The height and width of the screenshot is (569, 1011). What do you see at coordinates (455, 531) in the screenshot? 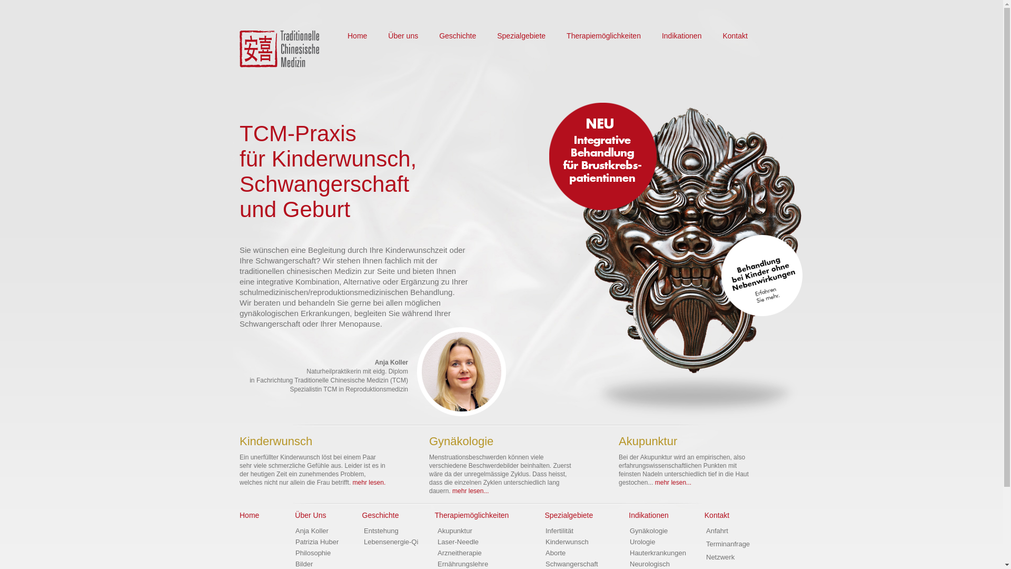
I see `'Akupunktur'` at bounding box center [455, 531].